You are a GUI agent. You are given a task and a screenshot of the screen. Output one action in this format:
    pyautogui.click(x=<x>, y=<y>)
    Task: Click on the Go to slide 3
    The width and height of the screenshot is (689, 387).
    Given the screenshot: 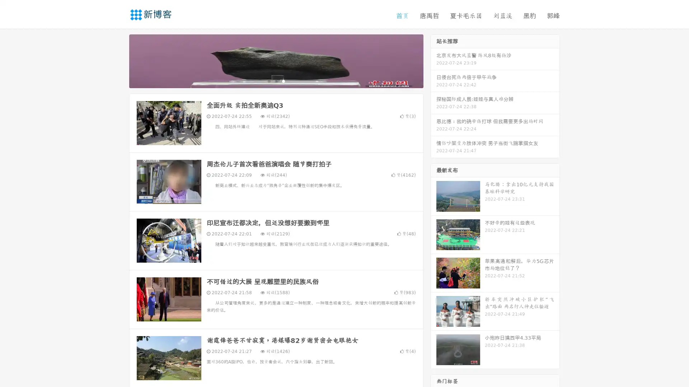 What is the action you would take?
    pyautogui.click(x=283, y=81)
    